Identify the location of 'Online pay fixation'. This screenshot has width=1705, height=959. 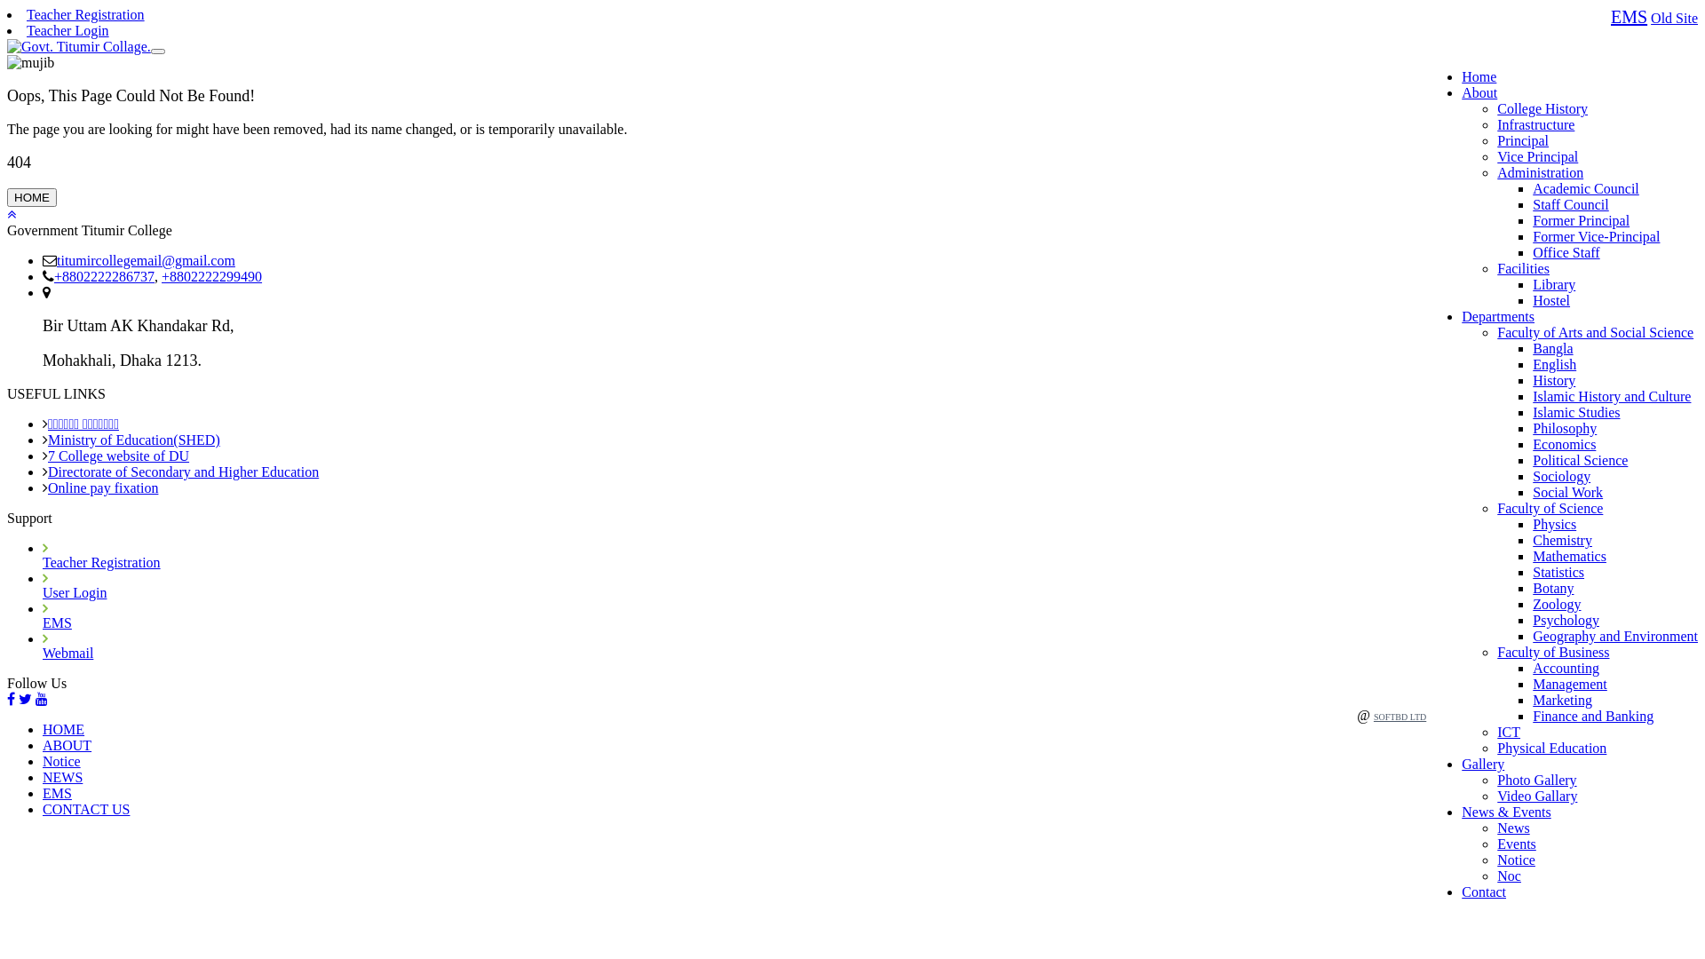
(101, 487).